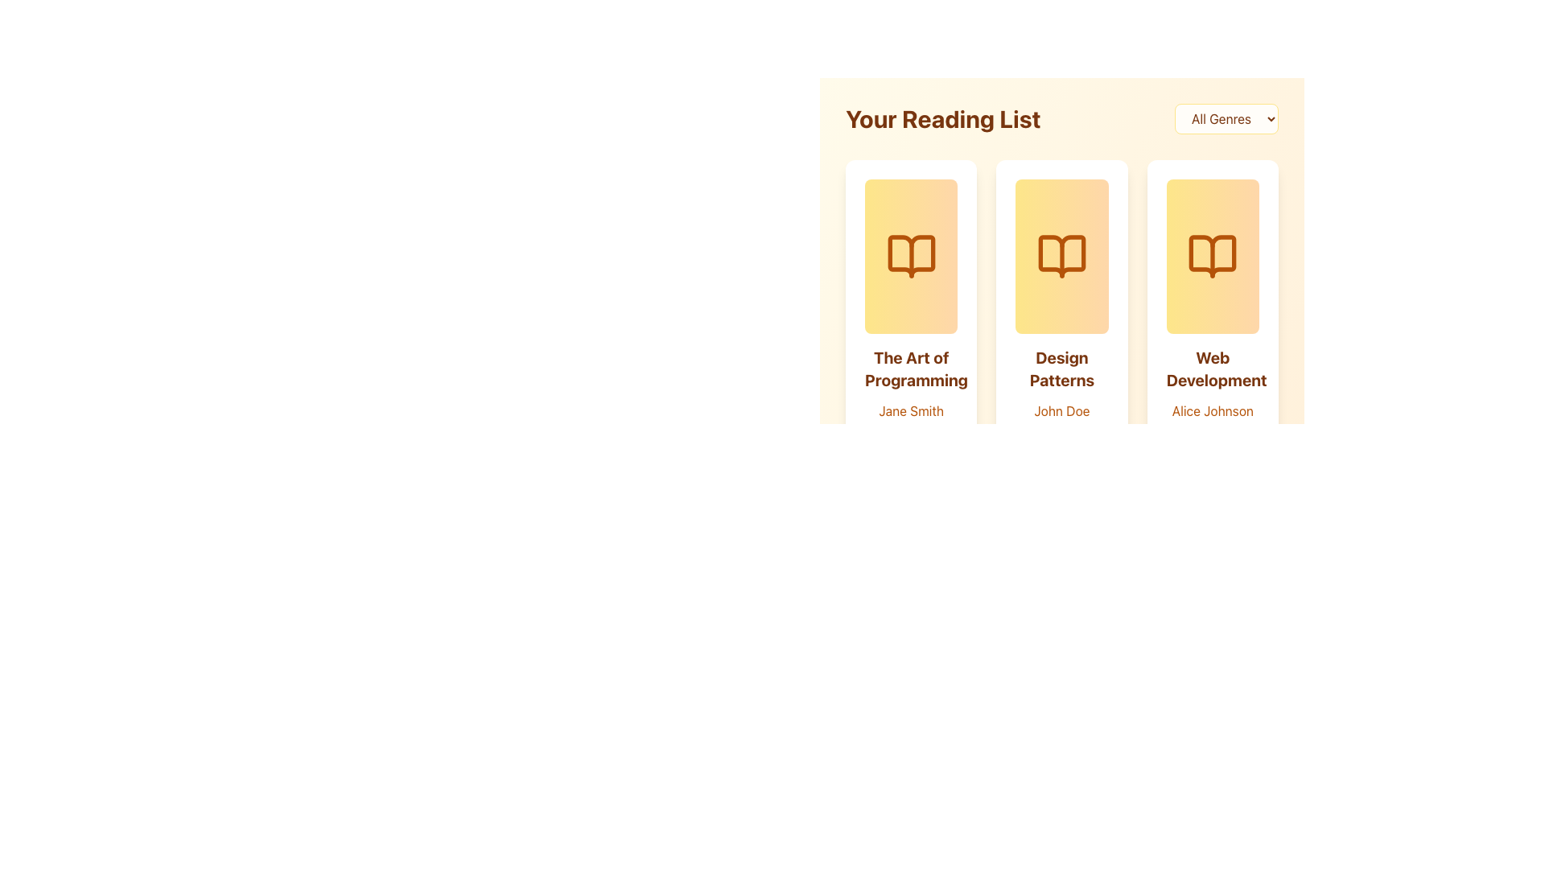 The height and width of the screenshot is (869, 1545). What do you see at coordinates (943, 117) in the screenshot?
I see `header text that serves as the title for the section related to the user's reading preferences, located at the top-left corner of the interface before the 'All Genres' dropdown menu` at bounding box center [943, 117].